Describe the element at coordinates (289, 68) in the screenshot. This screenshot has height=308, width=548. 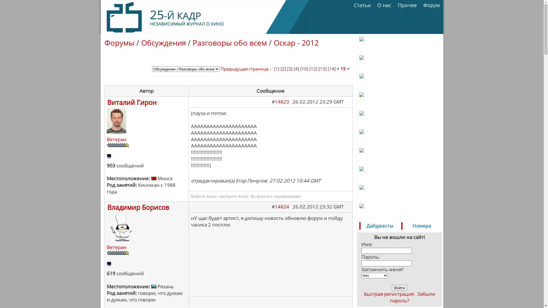
I see `'3'` at that location.